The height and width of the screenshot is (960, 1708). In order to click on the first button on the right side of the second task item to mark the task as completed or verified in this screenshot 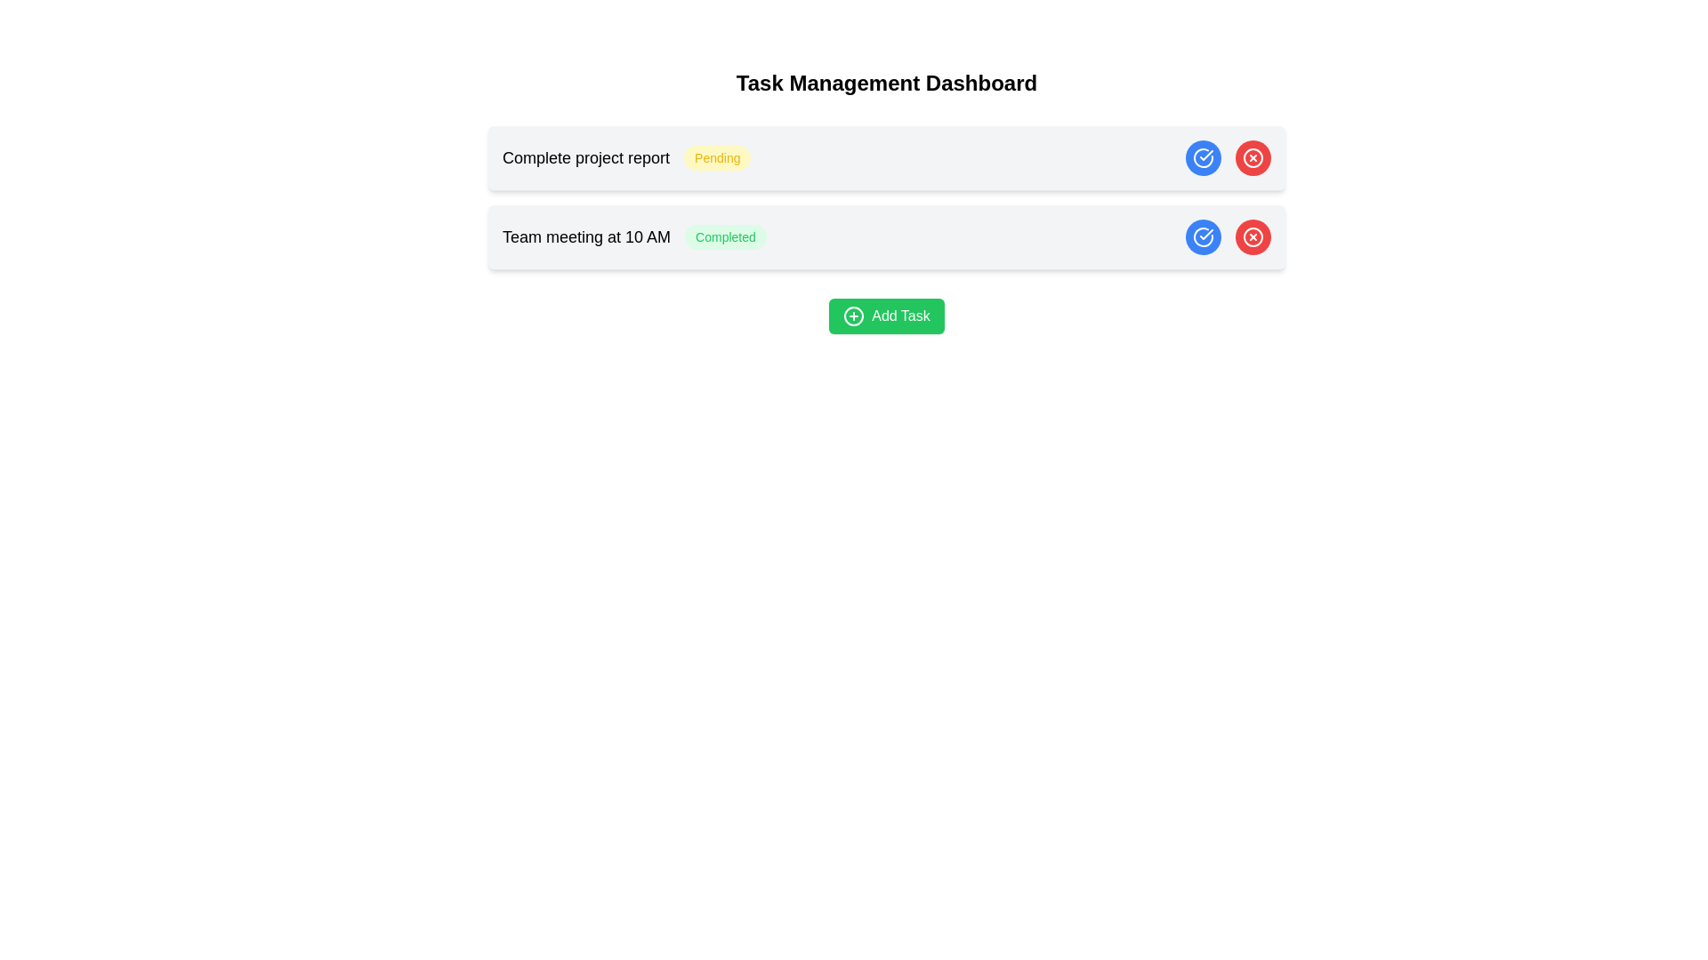, I will do `click(1204, 236)`.